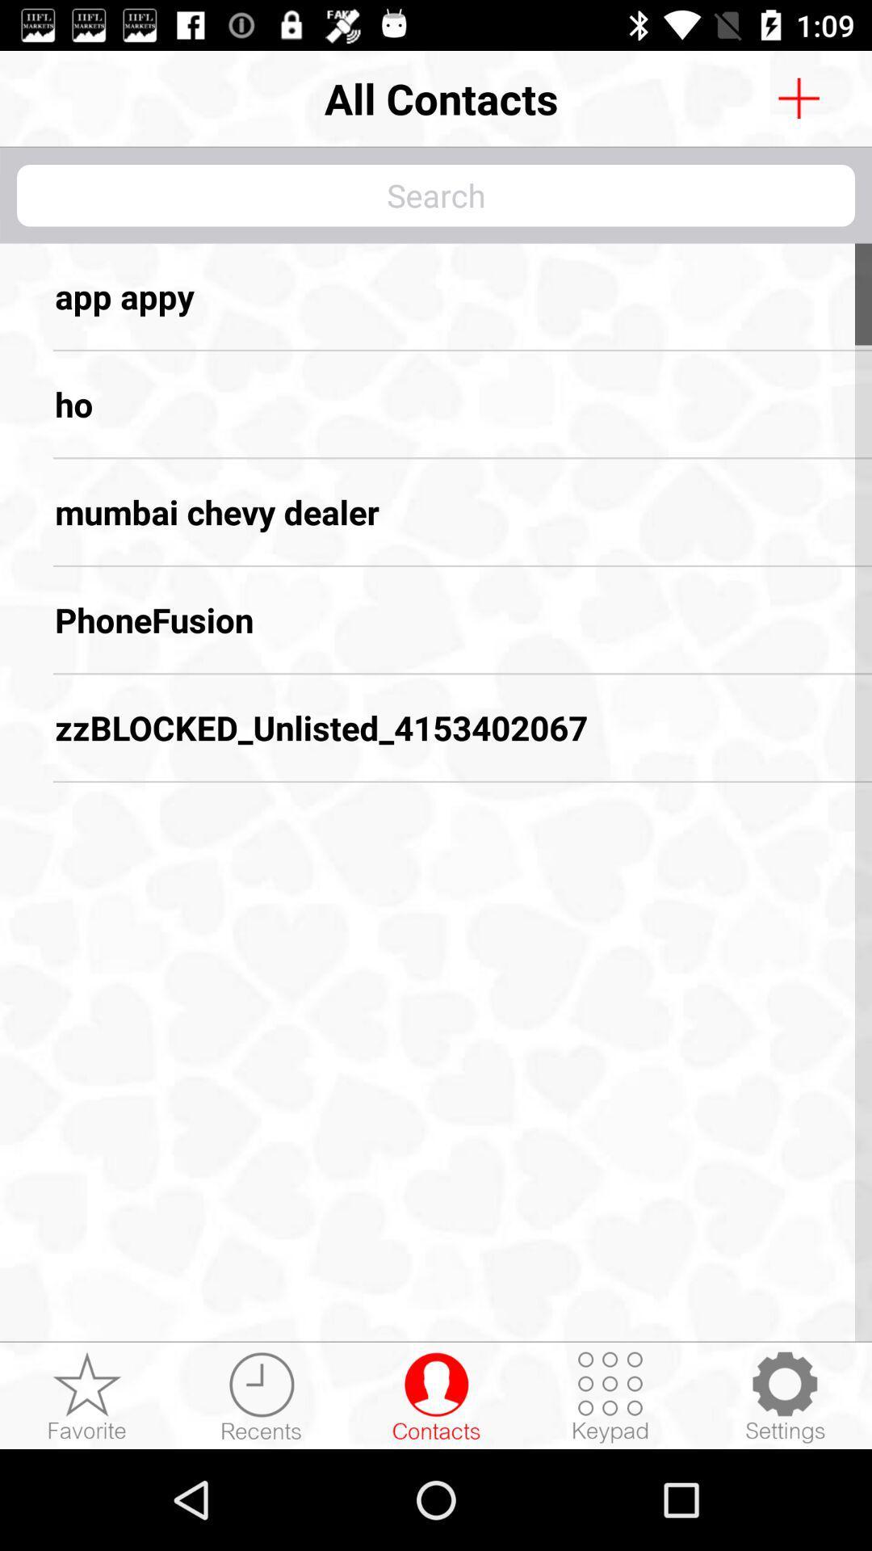 The image size is (872, 1551). I want to click on call log, so click(261, 1396).